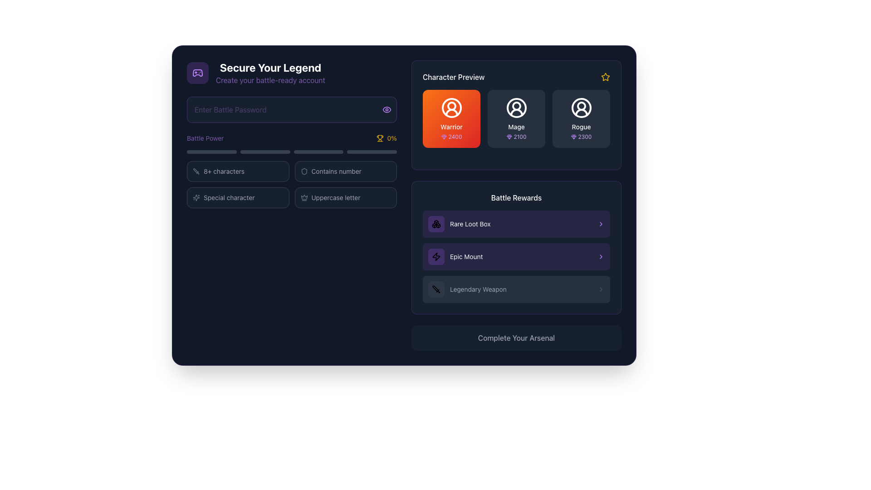 Image resolution: width=871 pixels, height=490 pixels. Describe the element at coordinates (387, 109) in the screenshot. I see `the eye-shaped icon located at the top-right corner of the 'Rogue' character selection card, which features a minimalistic design with an oval outline and a curved line resembling an iris` at that location.